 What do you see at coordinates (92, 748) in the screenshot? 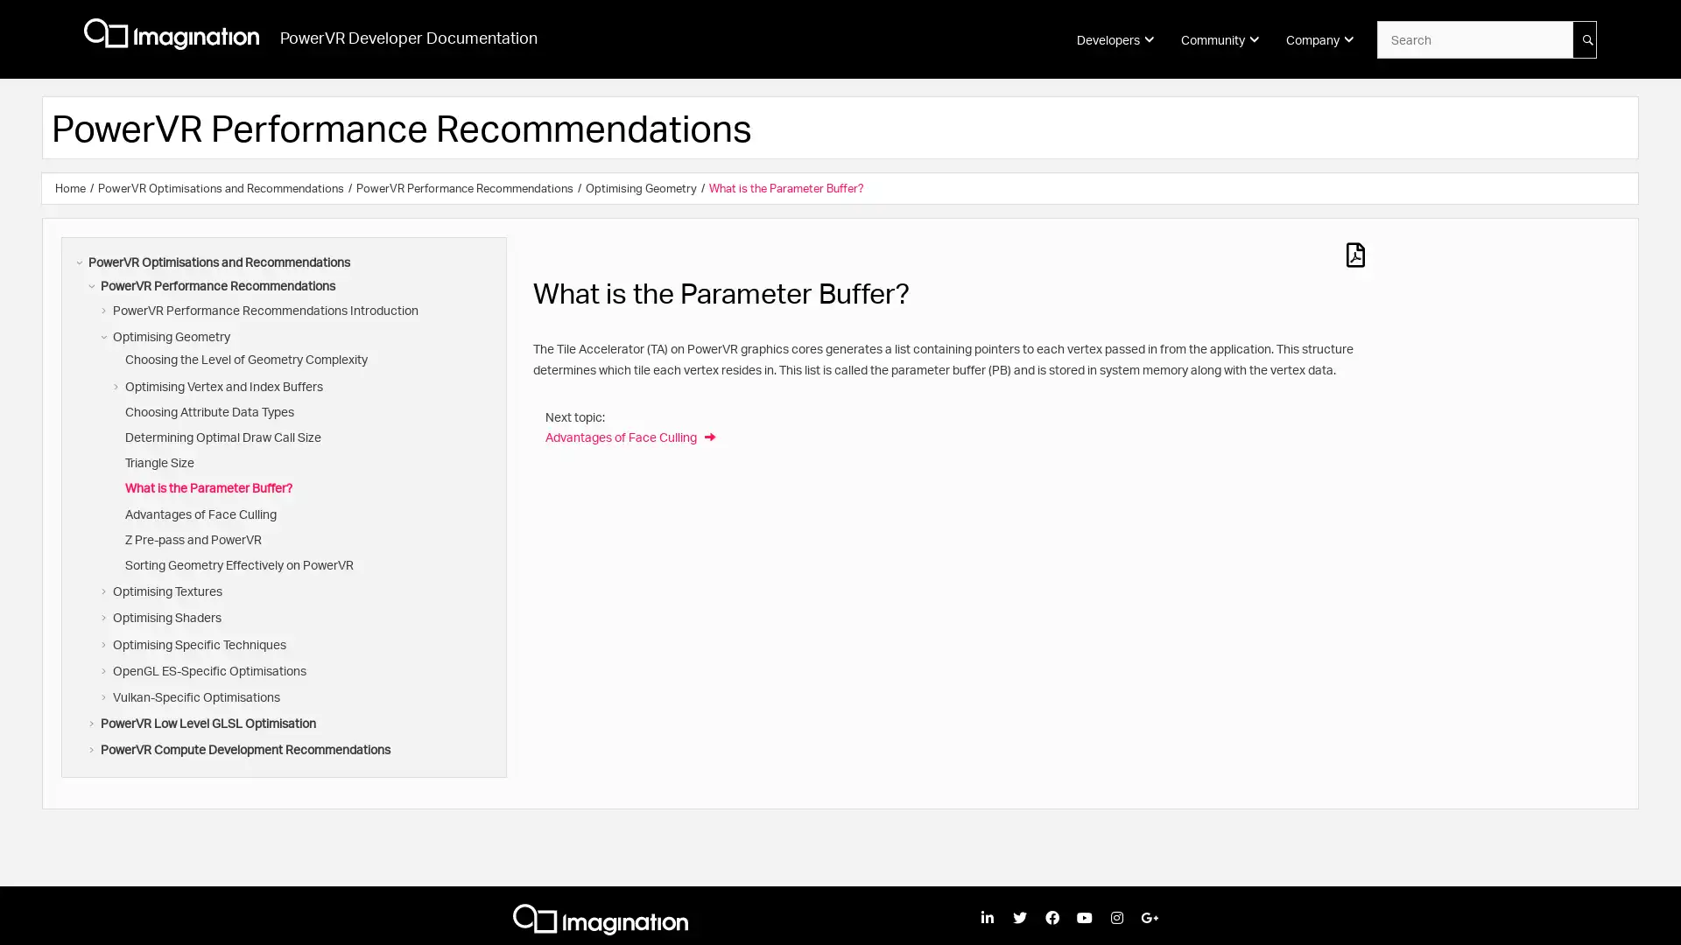
I see `Expand PowerVR Compute Development Recommendations` at bounding box center [92, 748].